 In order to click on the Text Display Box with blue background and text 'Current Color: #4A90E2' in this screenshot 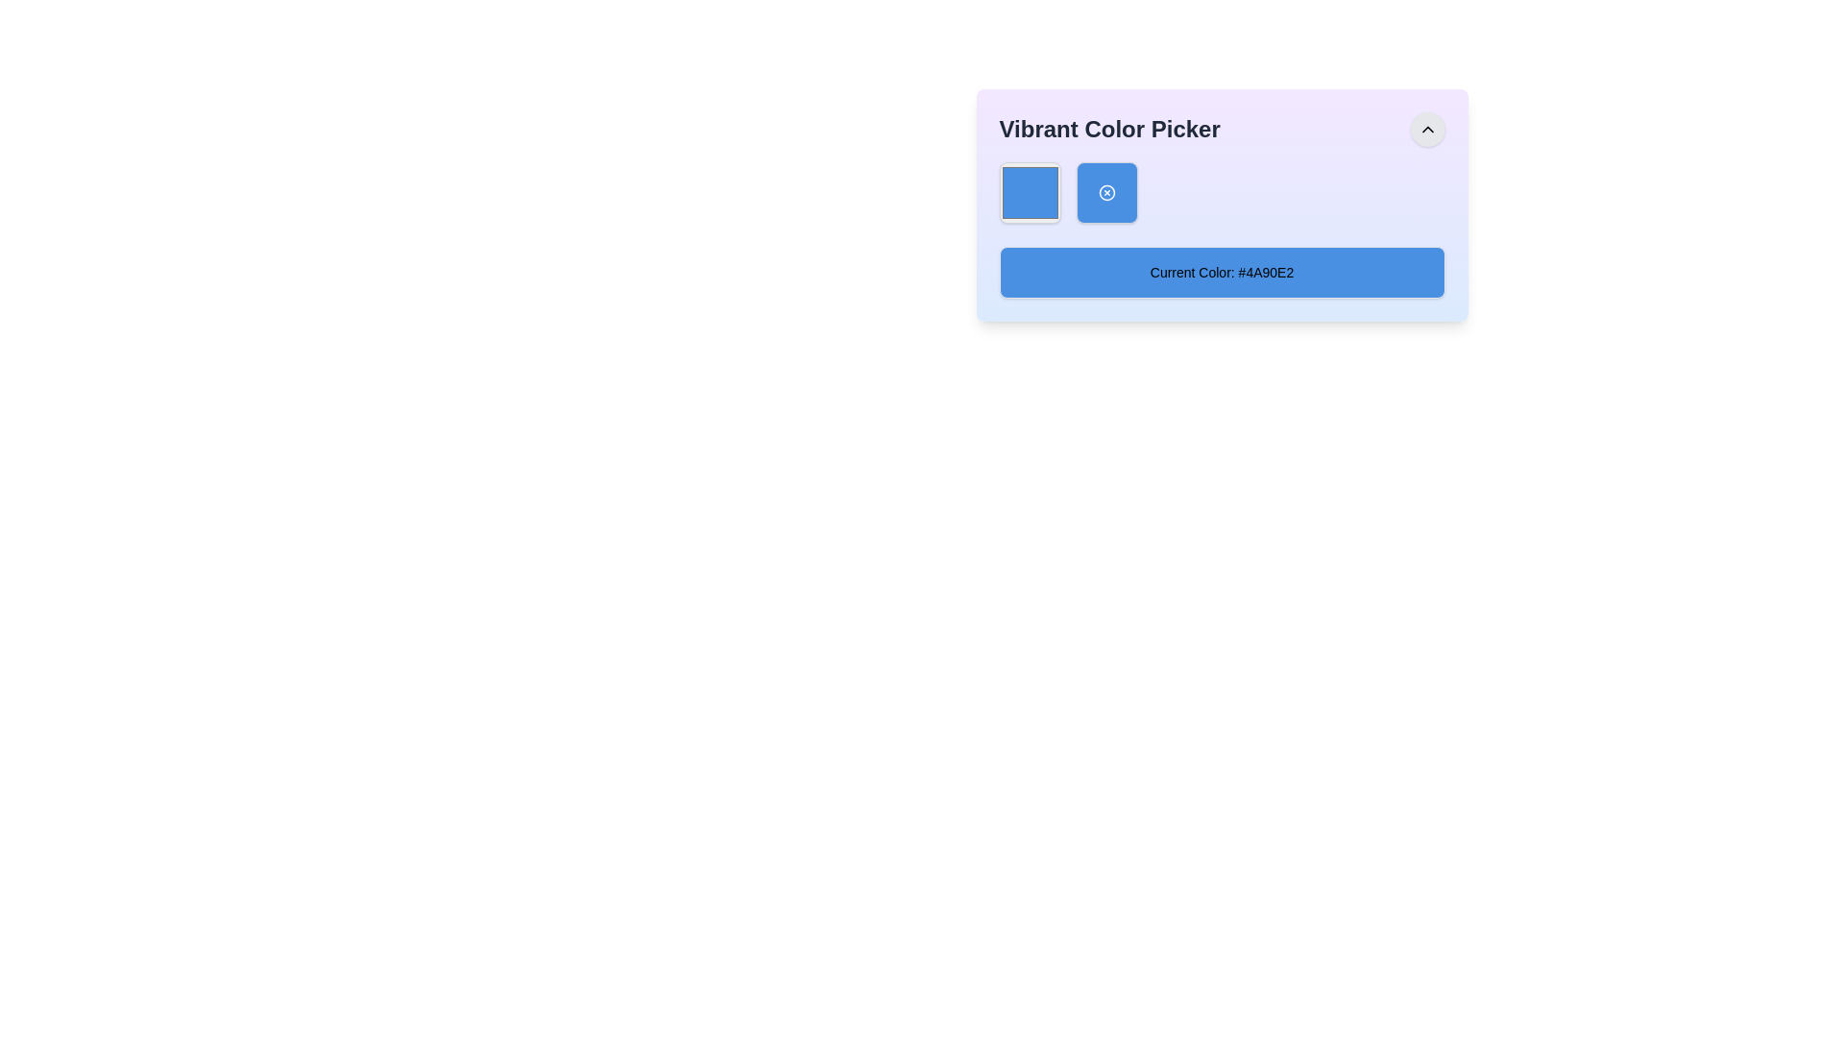, I will do `click(1221, 273)`.